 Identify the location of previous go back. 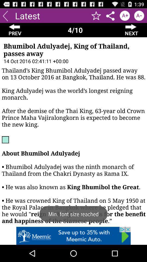
(15, 30).